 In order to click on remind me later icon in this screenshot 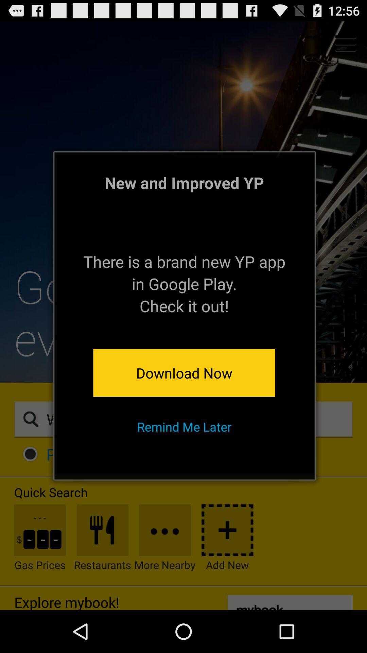, I will do `click(184, 426)`.